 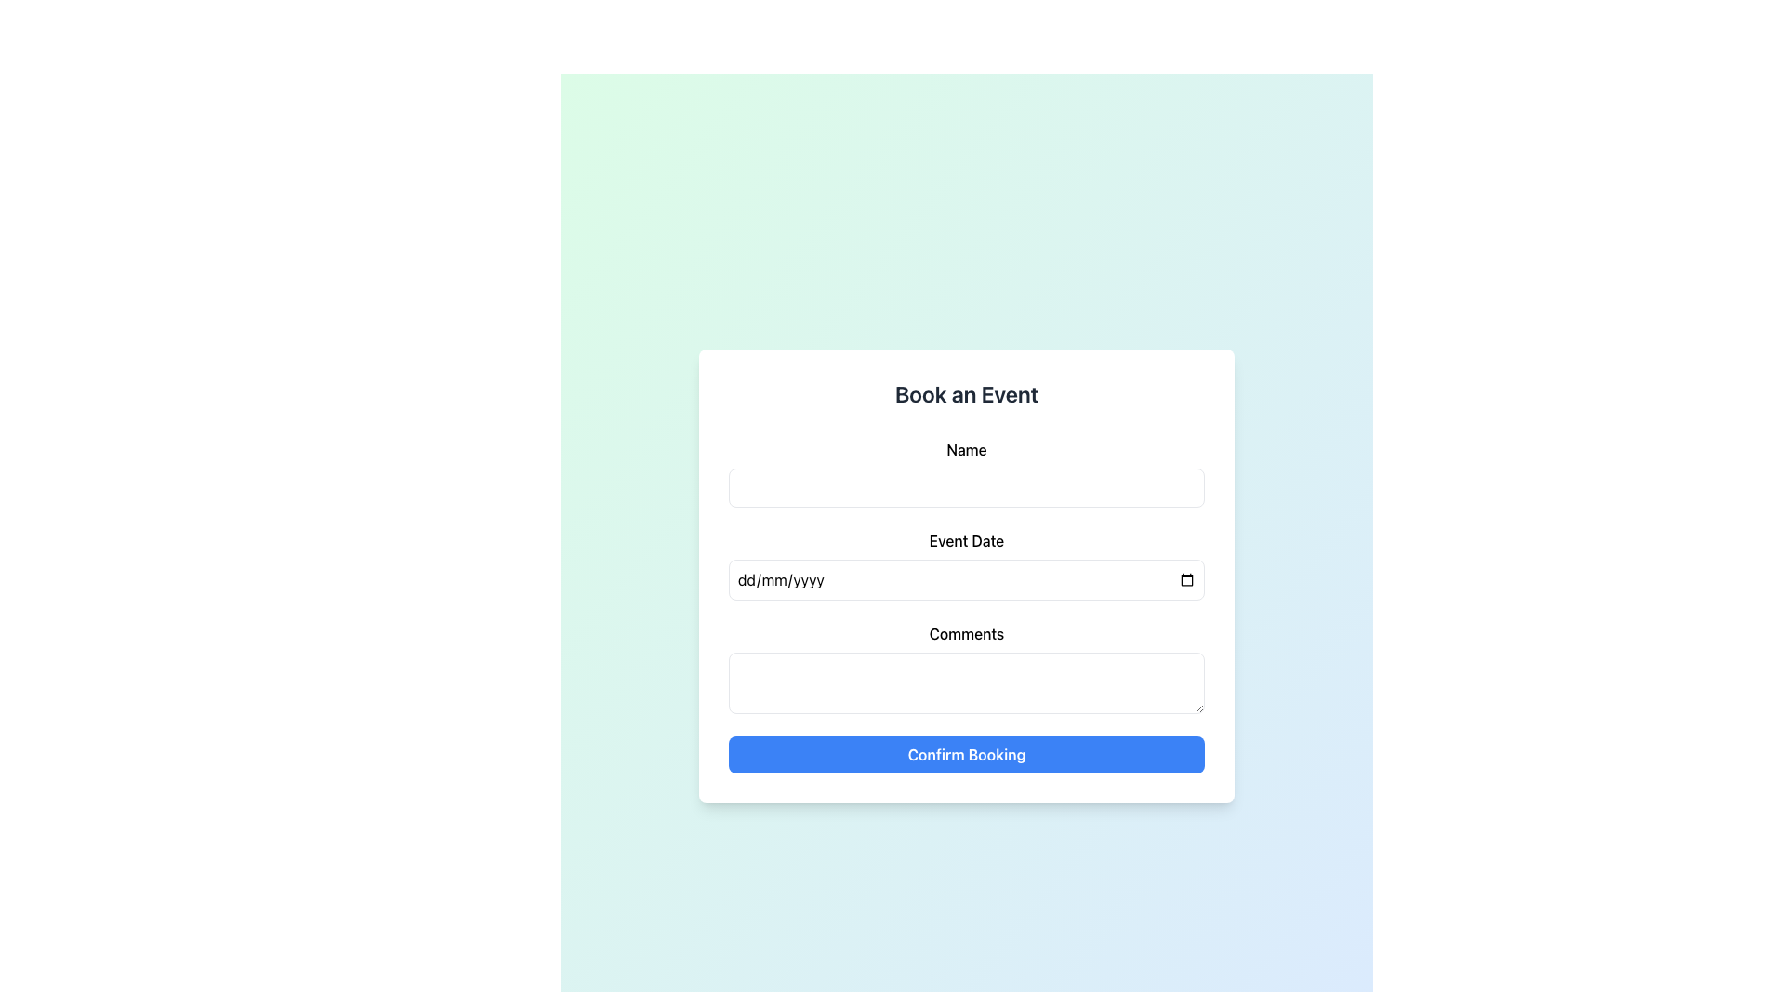 I want to click on text from the 'Event Date' label, which is a bold text component positioned in a form interface box, located below the 'Name' field and above the date input field, so click(x=967, y=541).